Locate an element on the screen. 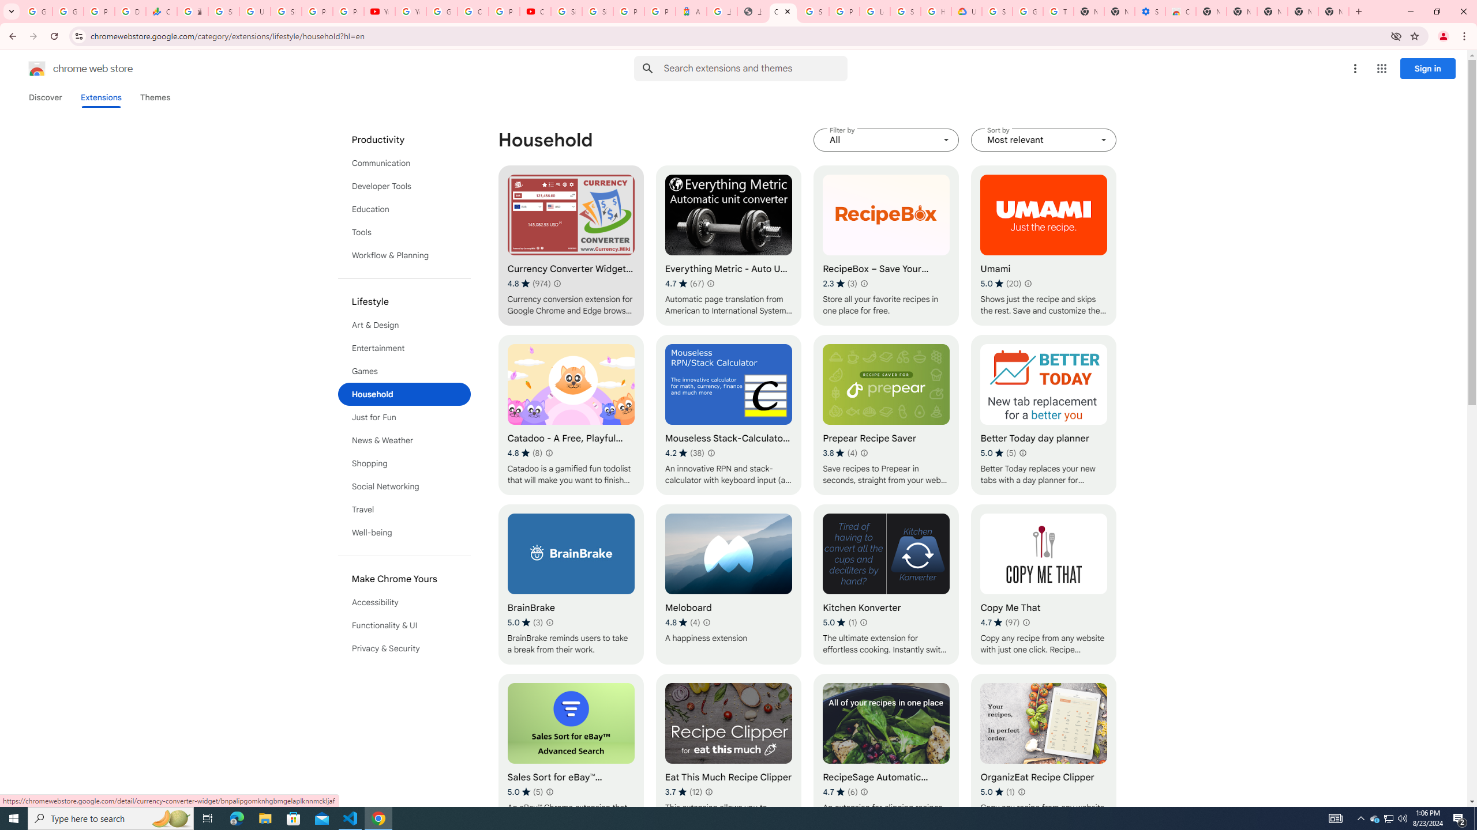 The height and width of the screenshot is (830, 1477). 'More options menu' is located at coordinates (1355, 68).